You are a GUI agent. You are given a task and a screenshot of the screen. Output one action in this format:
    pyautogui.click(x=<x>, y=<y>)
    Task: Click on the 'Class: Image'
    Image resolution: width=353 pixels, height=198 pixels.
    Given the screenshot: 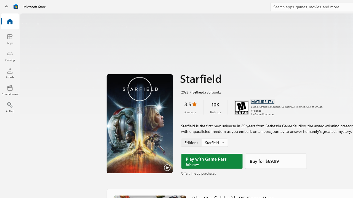 What is the action you would take?
    pyautogui.click(x=16, y=7)
    